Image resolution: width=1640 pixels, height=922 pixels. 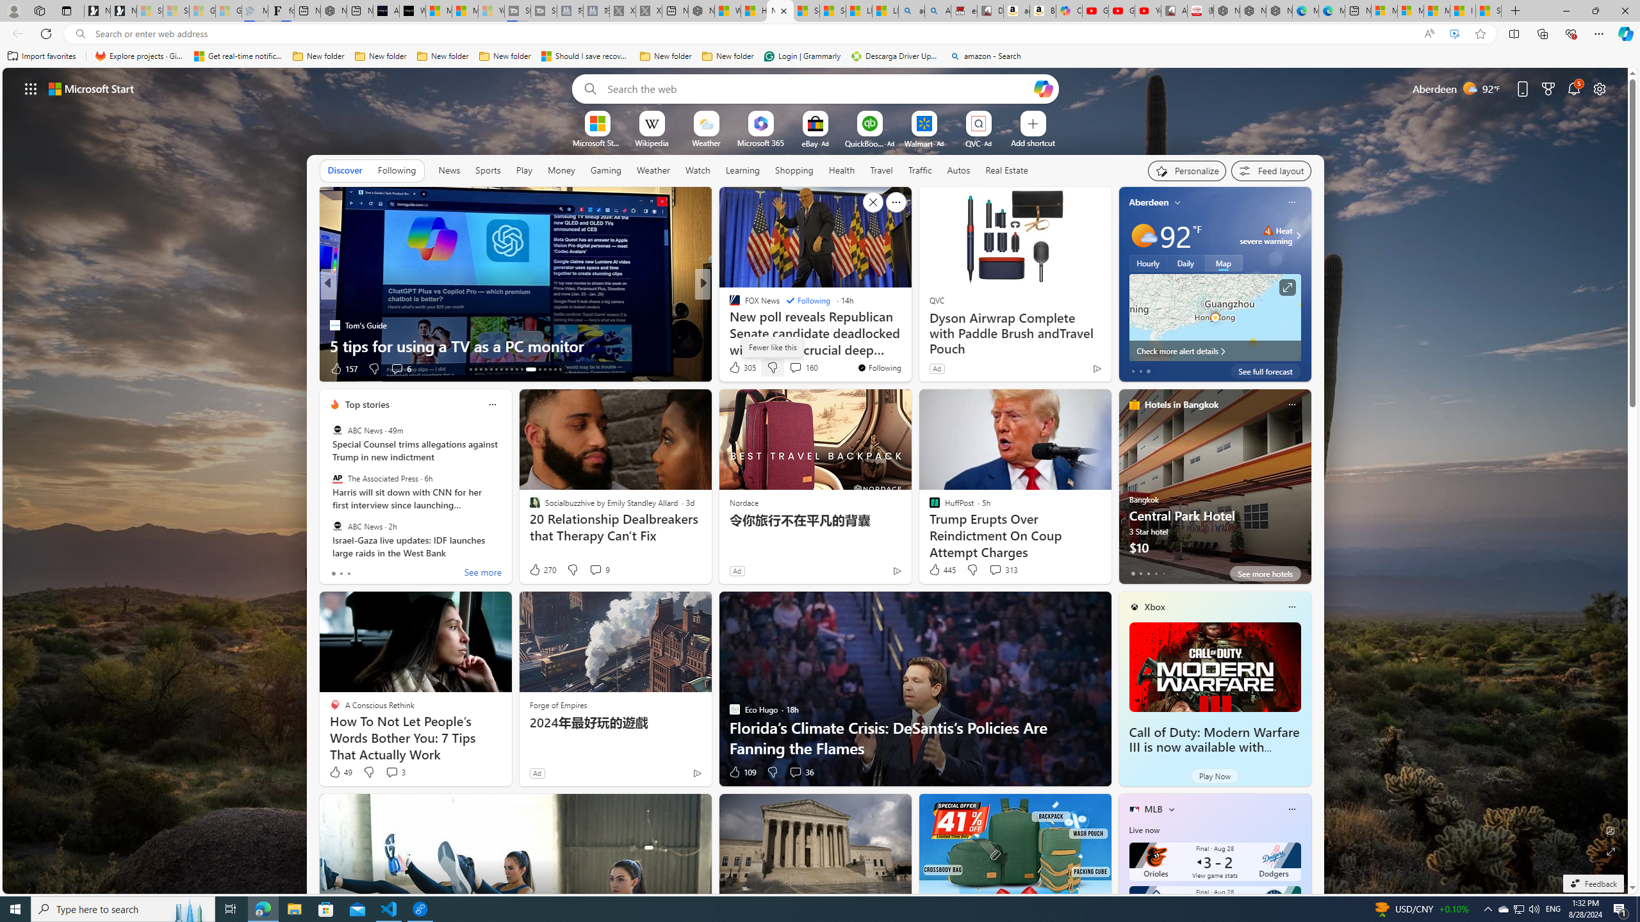 What do you see at coordinates (1042, 88) in the screenshot?
I see `'Open Copilot'` at bounding box center [1042, 88].